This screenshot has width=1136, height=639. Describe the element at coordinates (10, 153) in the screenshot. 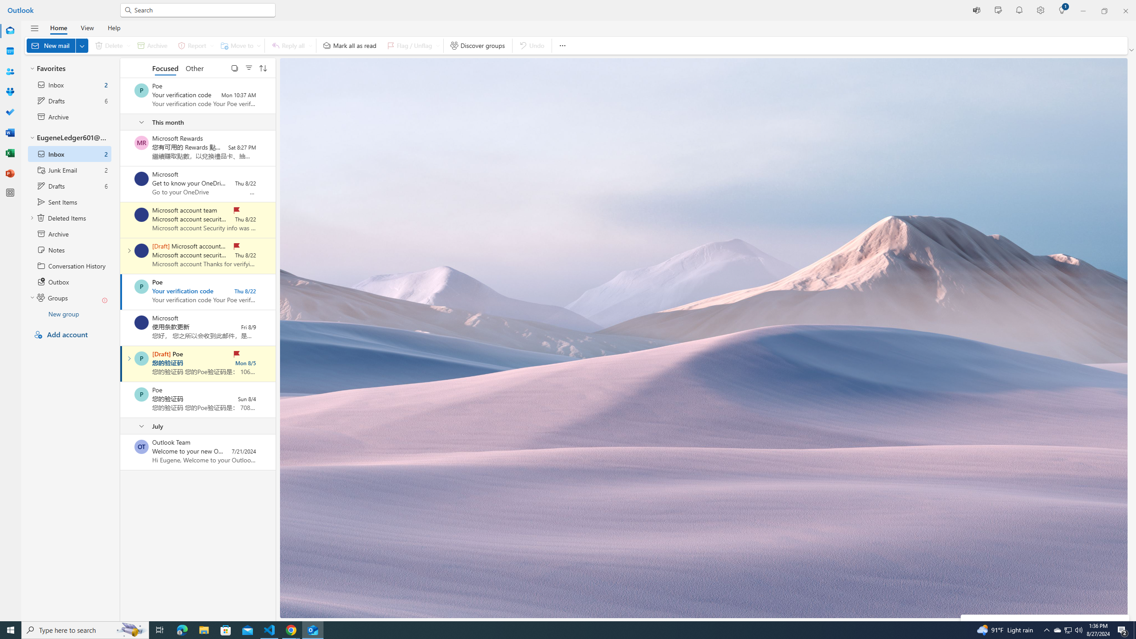

I see `'Excel'` at that location.